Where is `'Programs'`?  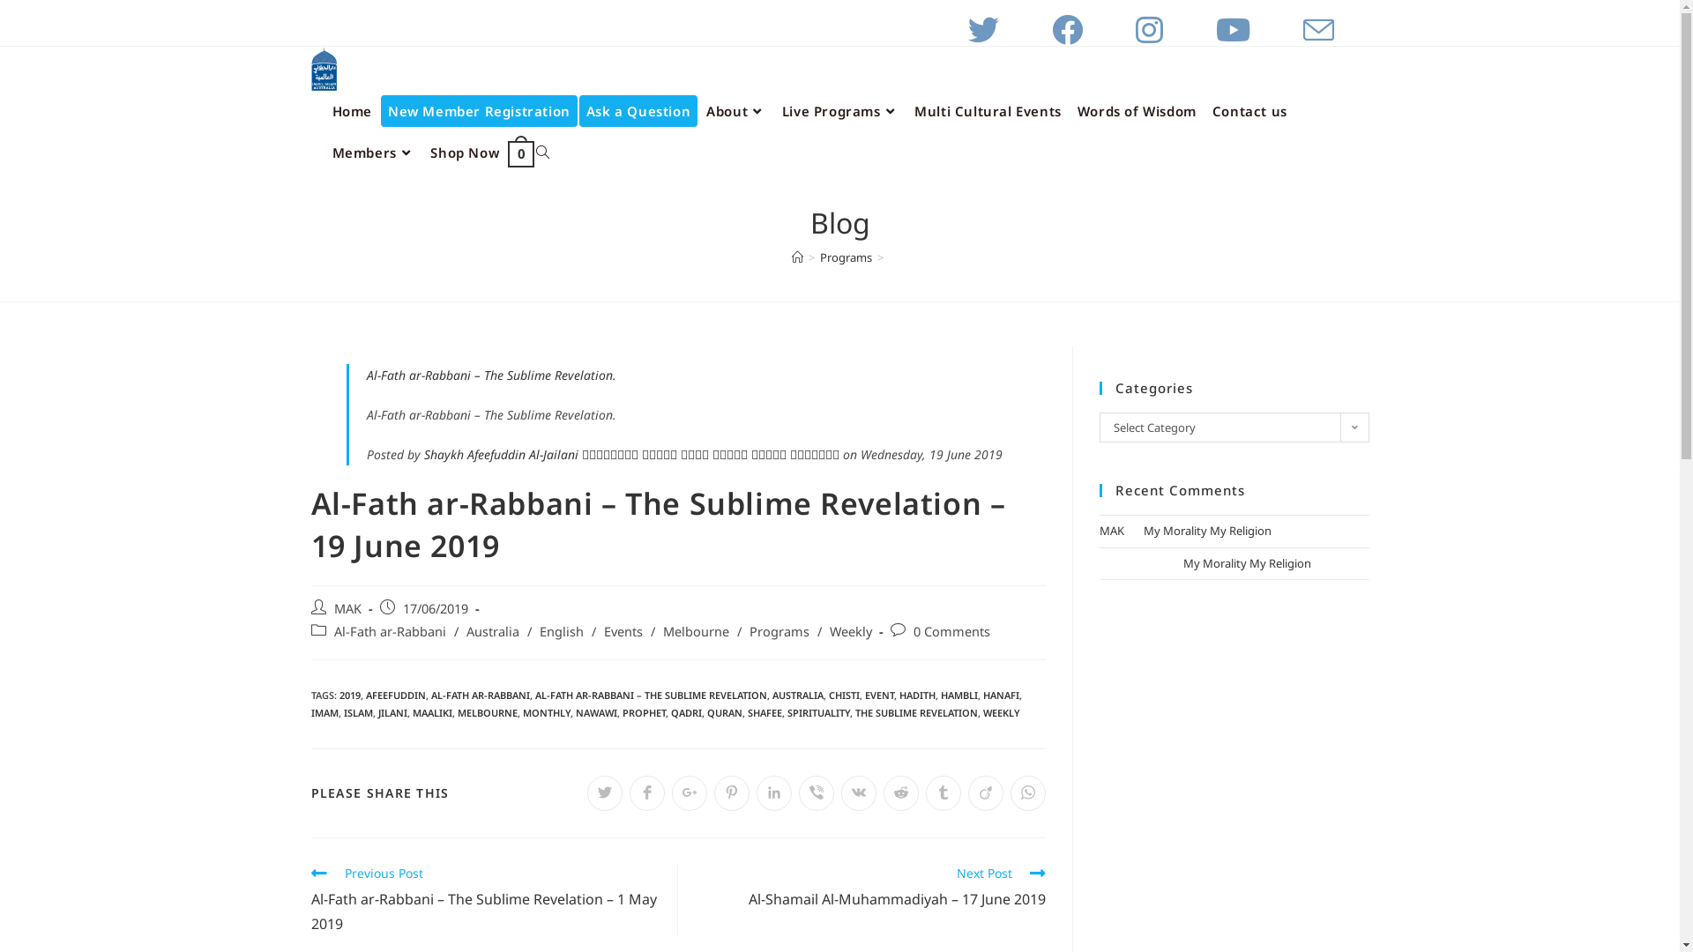 'Programs' is located at coordinates (845, 257).